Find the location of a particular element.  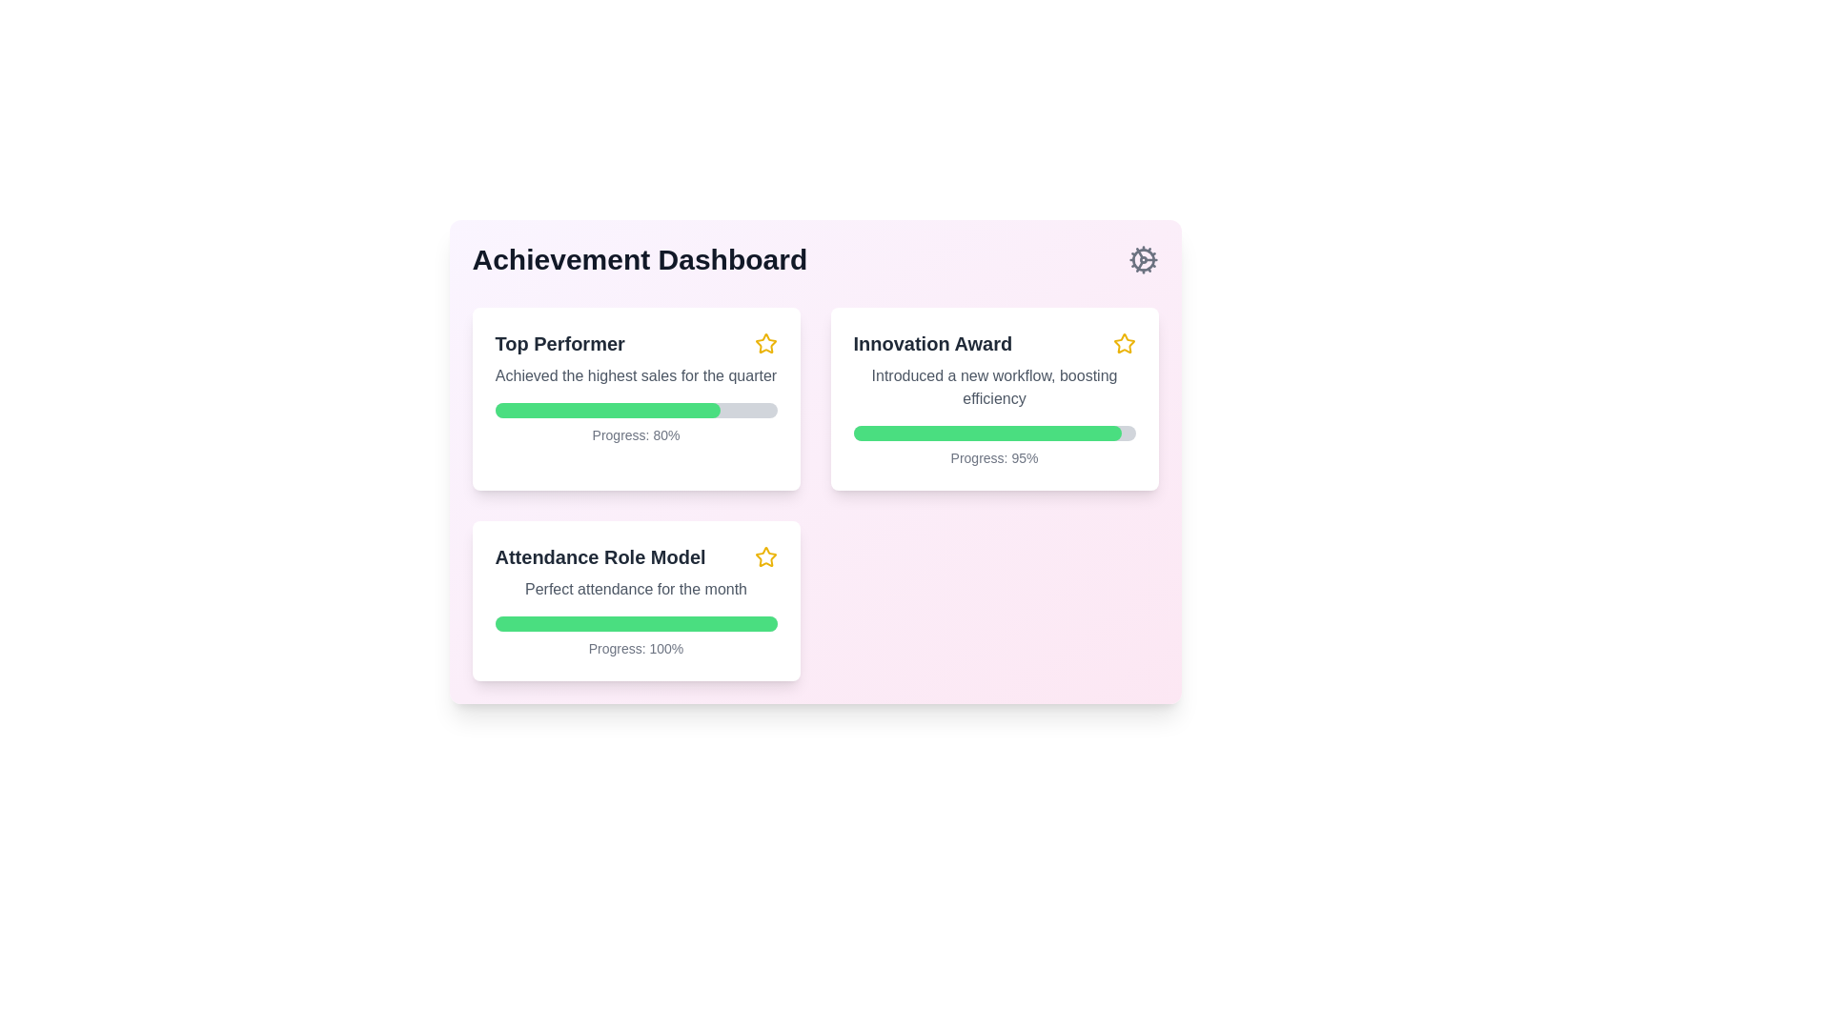

the star-shaped icon with a bold yellow outline is located at coordinates (1124, 344).